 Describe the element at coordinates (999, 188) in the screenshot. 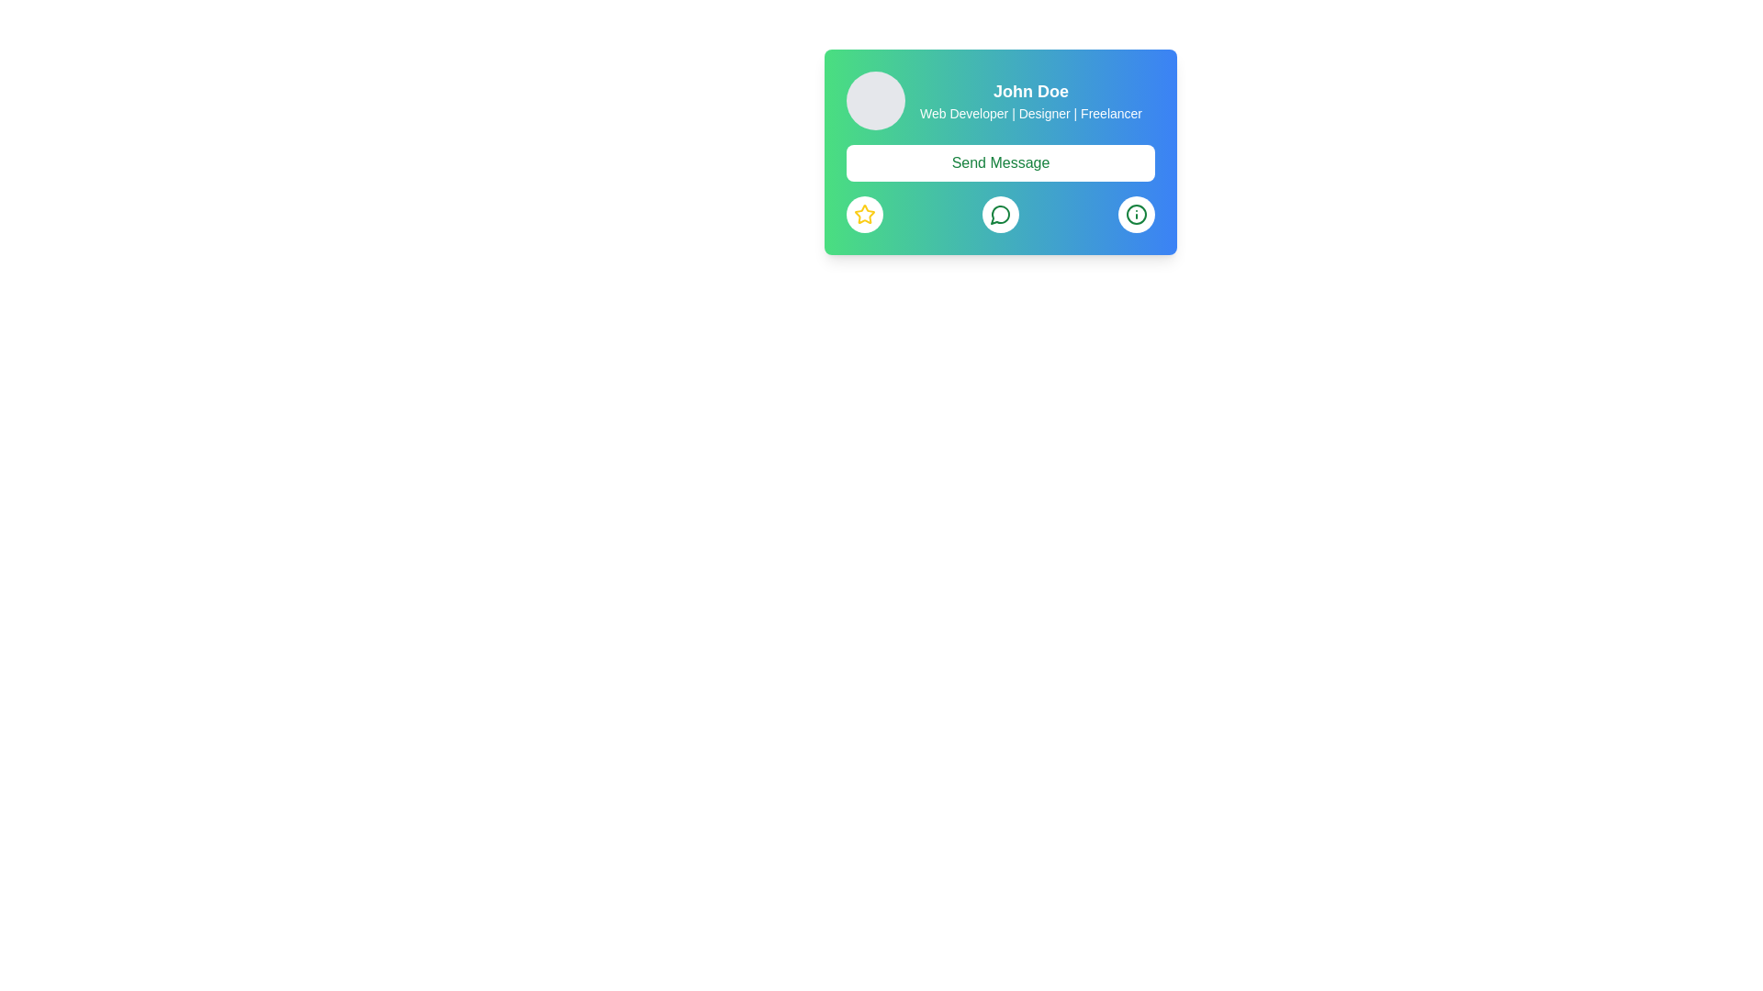

I see `the message-sending button located centrally within the card component, directly below the user's name and description, to initiate the message-sending action` at that location.